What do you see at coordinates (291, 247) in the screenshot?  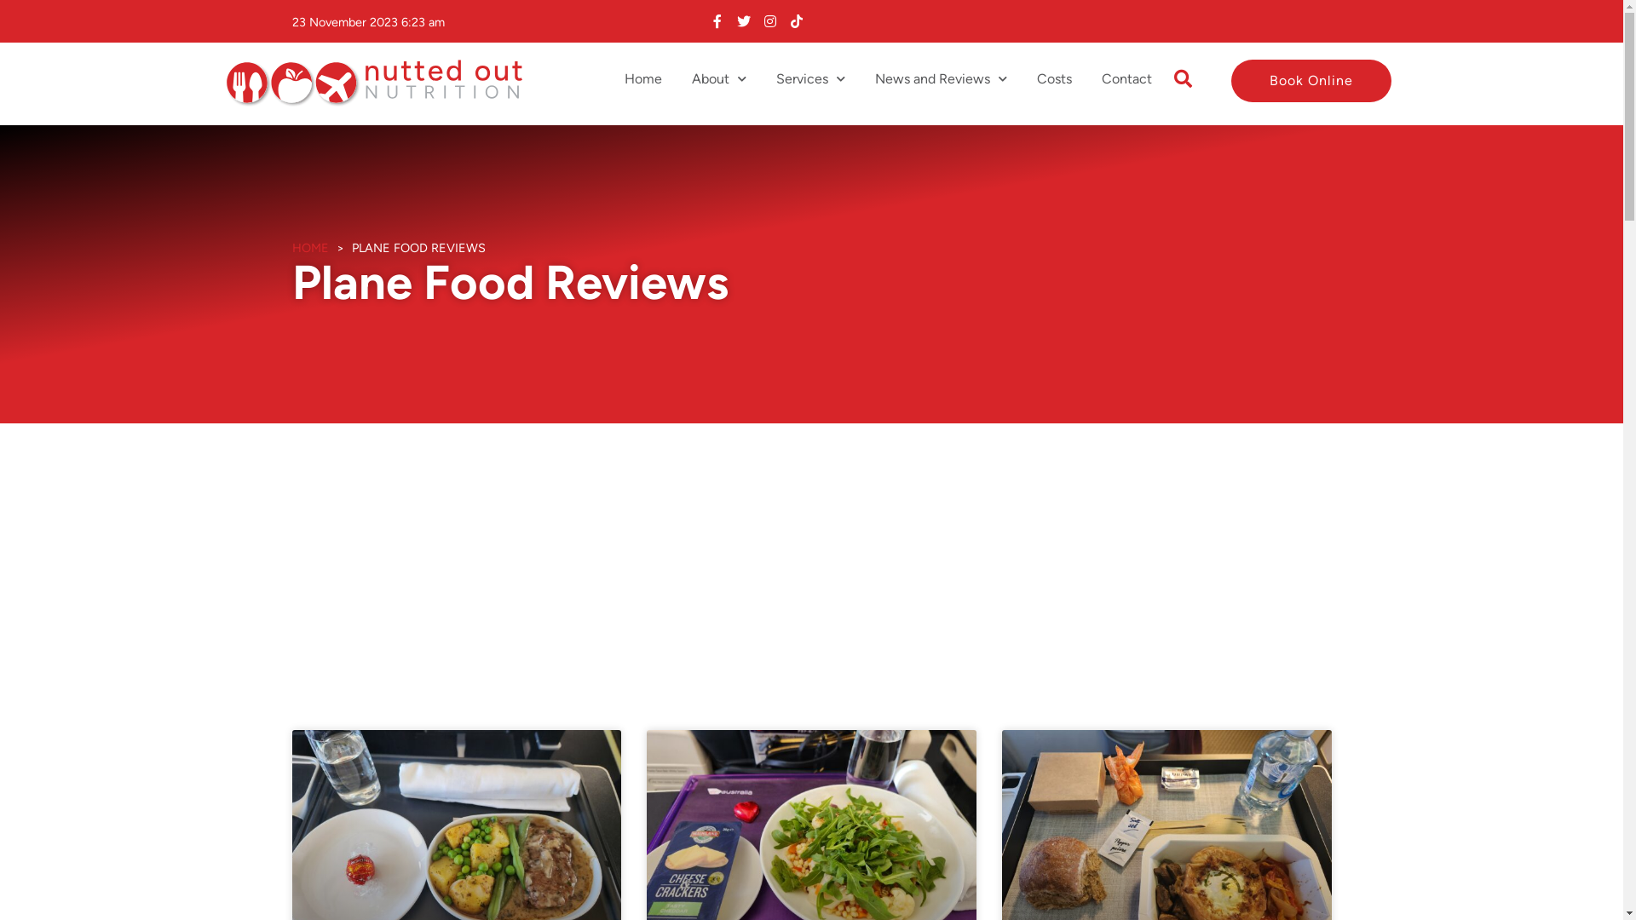 I see `'HOME'` at bounding box center [291, 247].